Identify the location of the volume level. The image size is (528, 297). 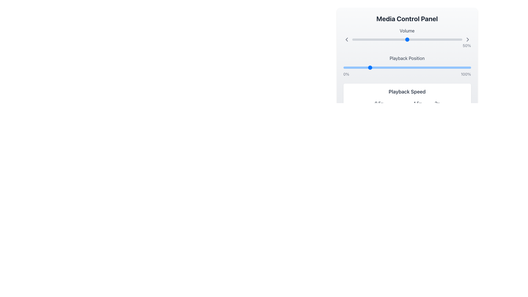
(425, 39).